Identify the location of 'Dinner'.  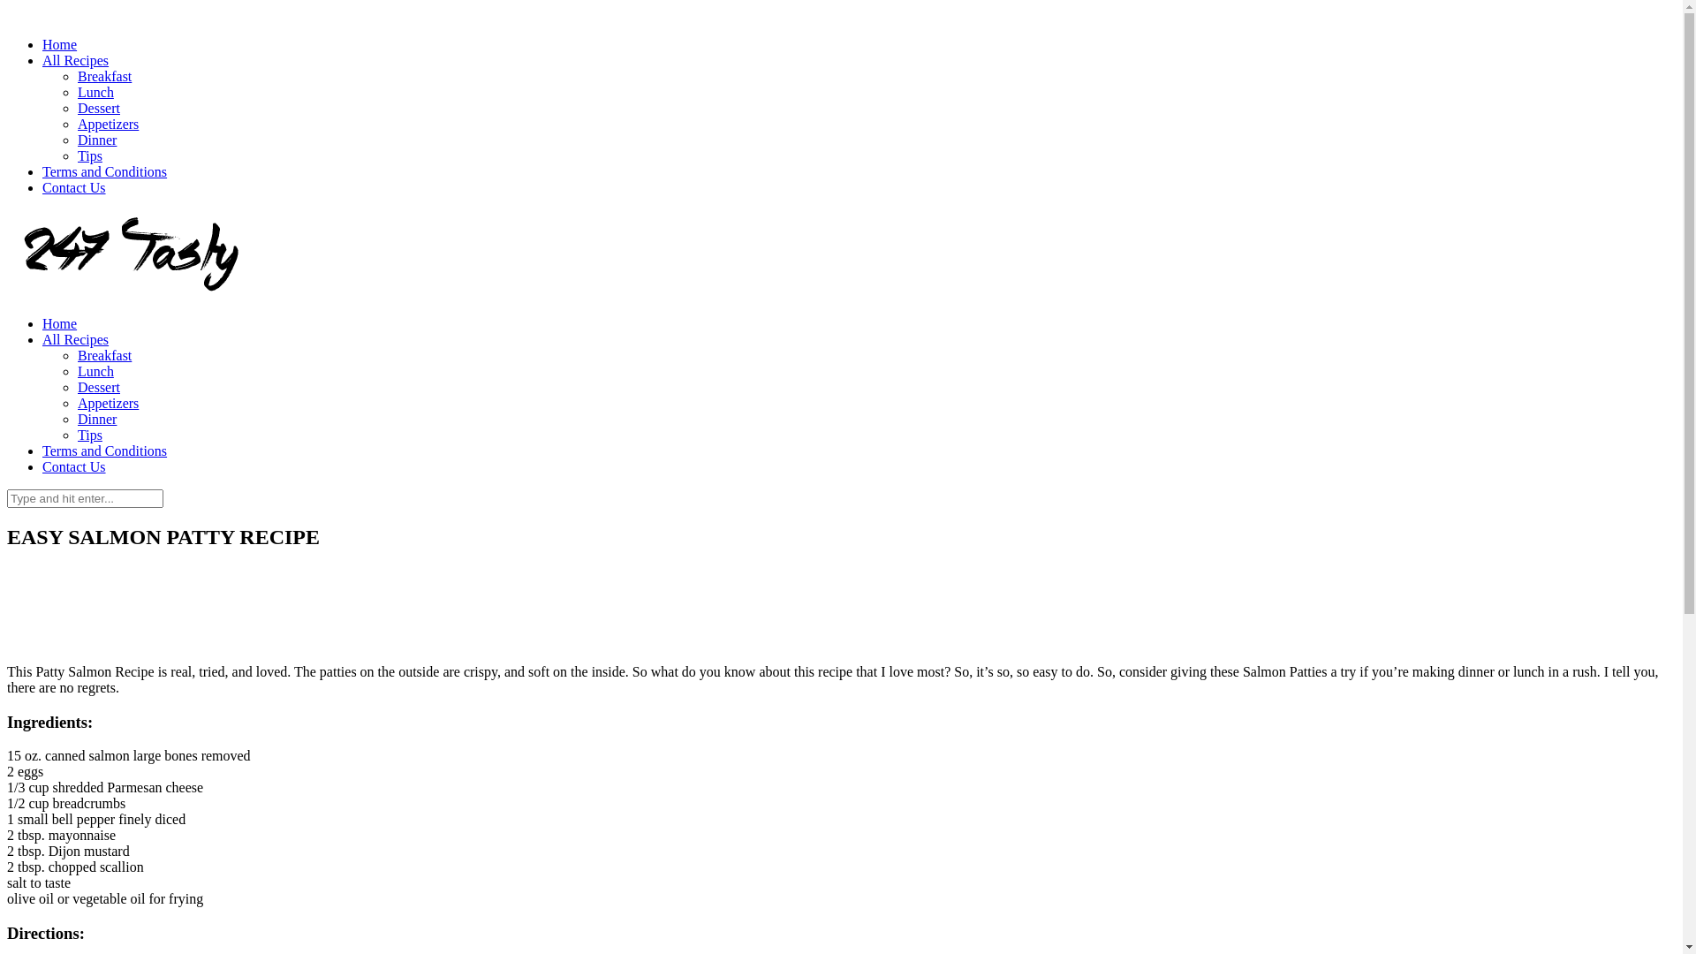
(96, 419).